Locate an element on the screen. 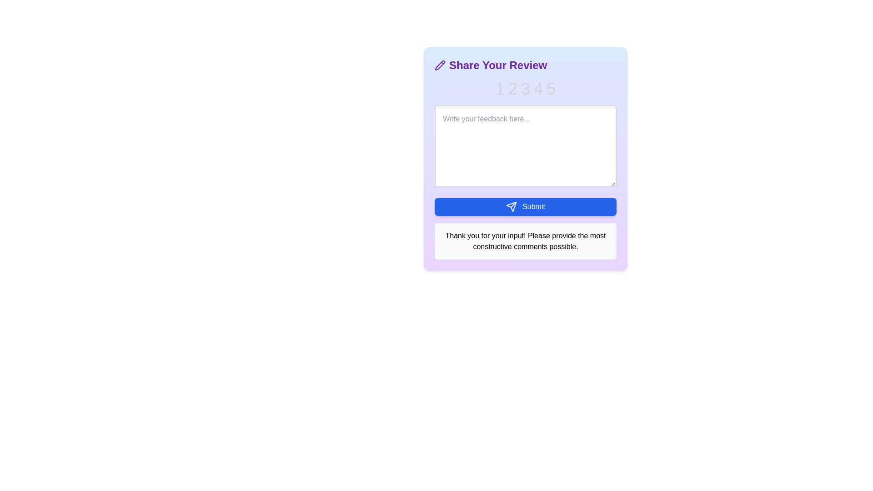 This screenshot has width=873, height=491. the rating button corresponding to 1 is located at coordinates (499, 89).